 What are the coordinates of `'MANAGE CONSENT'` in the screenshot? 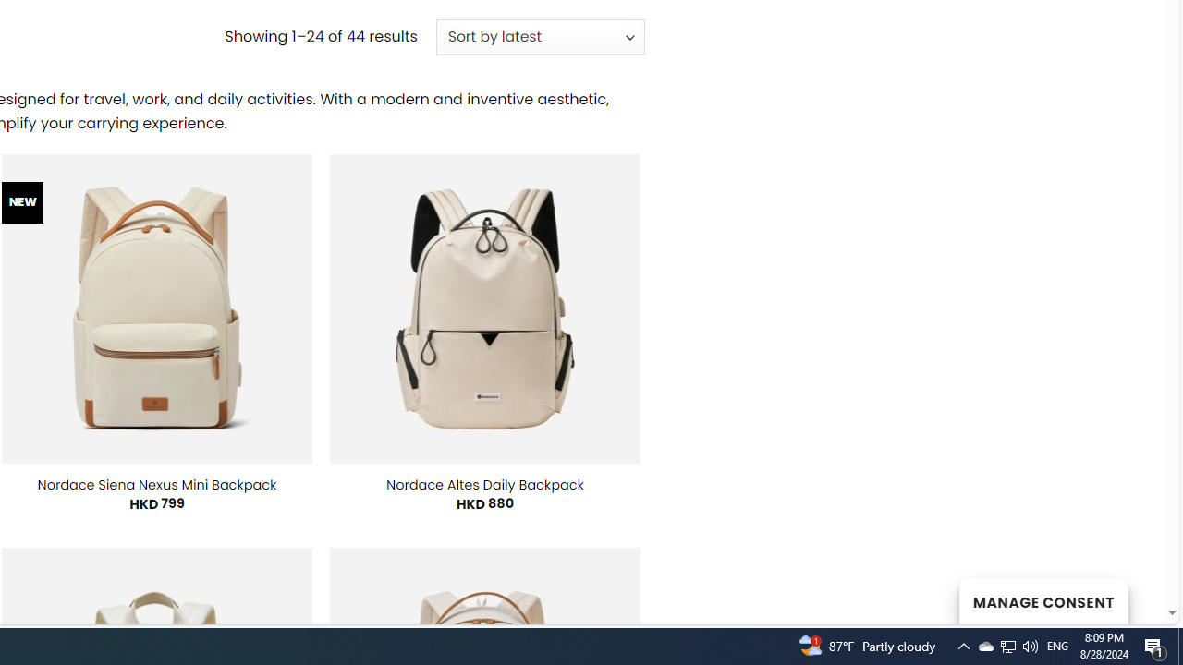 It's located at (1043, 600).